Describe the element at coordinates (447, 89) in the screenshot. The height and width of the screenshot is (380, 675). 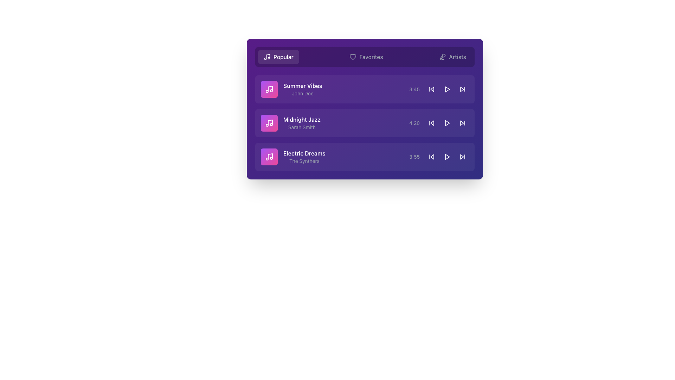
I see `the Play button located to the right of the song duration '3:45' in the first track of the playlist` at that location.